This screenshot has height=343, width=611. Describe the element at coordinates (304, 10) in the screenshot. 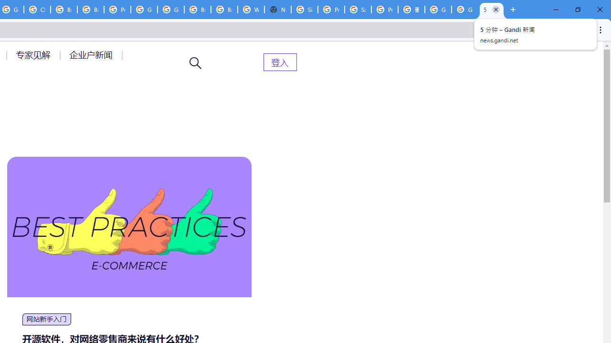

I see `'Sign in - Google Accounts'` at that location.